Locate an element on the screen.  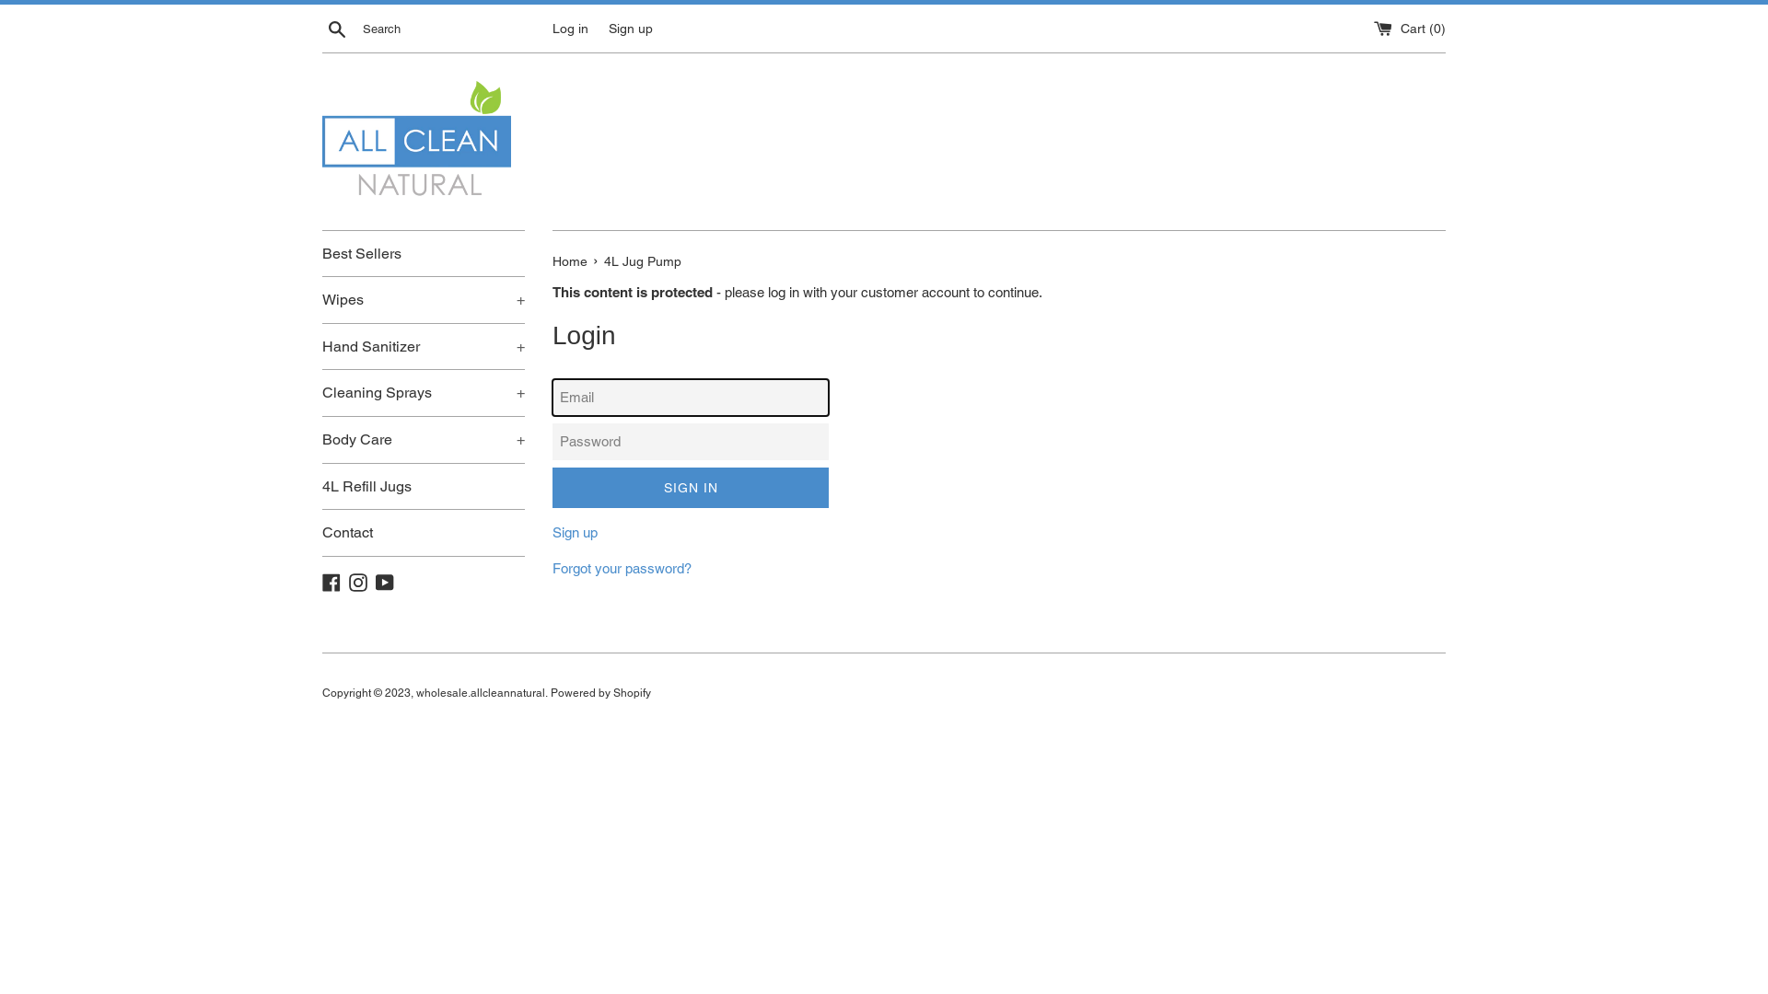
'wholesale.allcleannatural' is located at coordinates (481, 692).